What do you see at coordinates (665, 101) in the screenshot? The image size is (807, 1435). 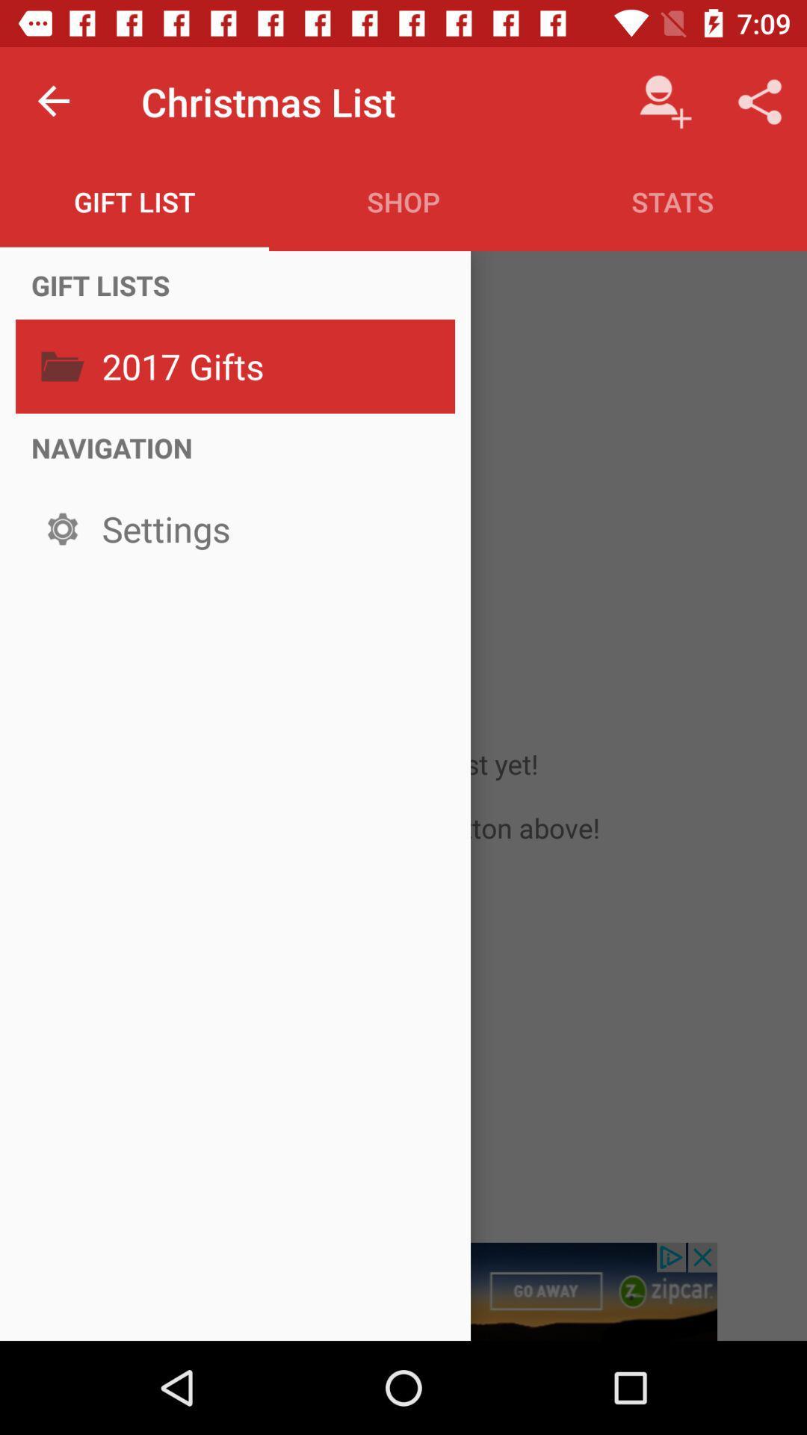 I see `icon above the stats` at bounding box center [665, 101].